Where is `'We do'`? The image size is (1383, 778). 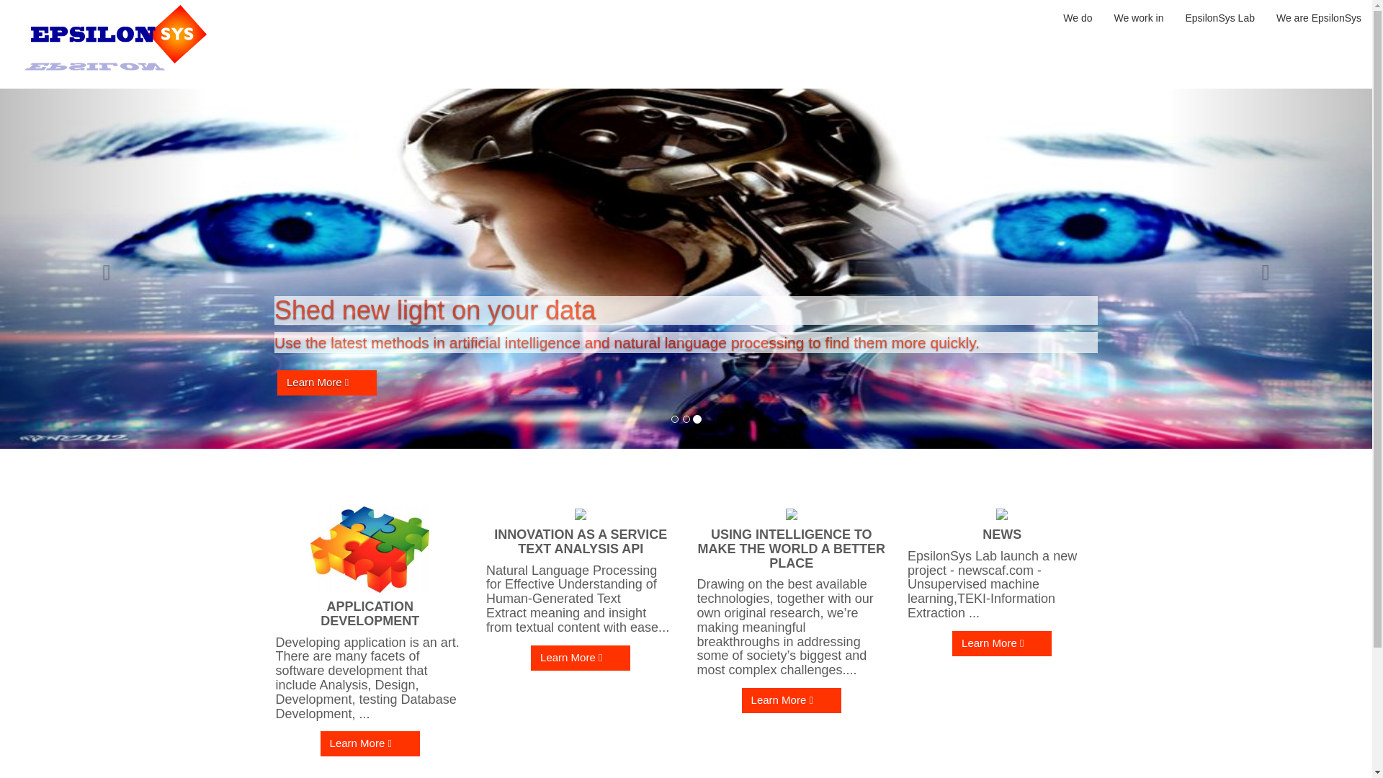 'We do' is located at coordinates (1078, 17).